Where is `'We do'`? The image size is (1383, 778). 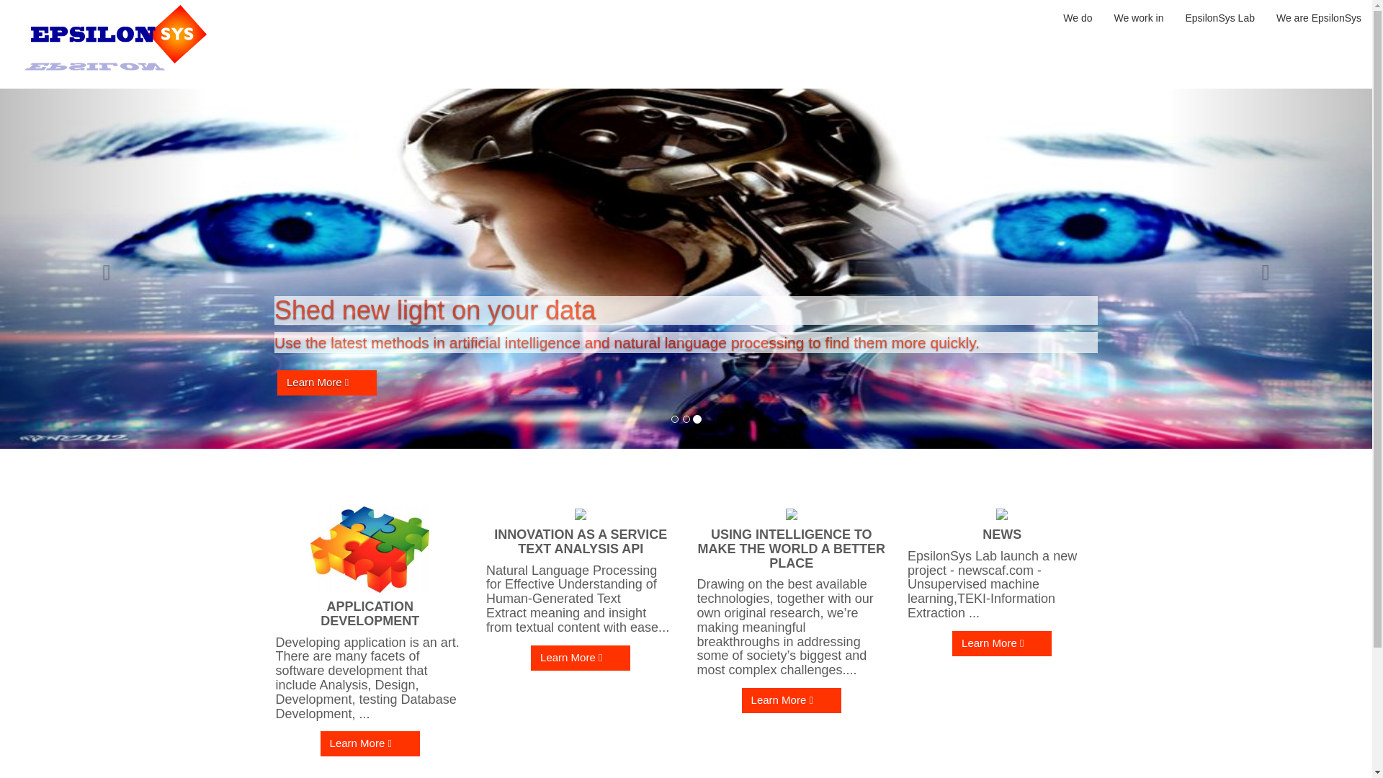 'We do' is located at coordinates (1078, 17).